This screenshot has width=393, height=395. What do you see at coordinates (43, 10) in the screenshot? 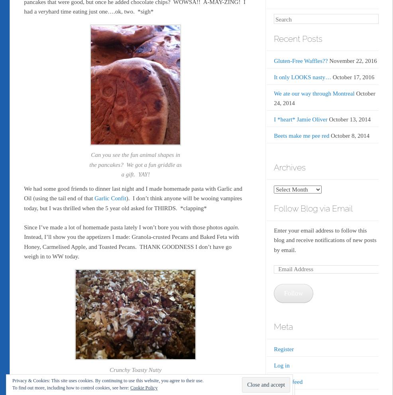
I see `'very'` at bounding box center [43, 10].